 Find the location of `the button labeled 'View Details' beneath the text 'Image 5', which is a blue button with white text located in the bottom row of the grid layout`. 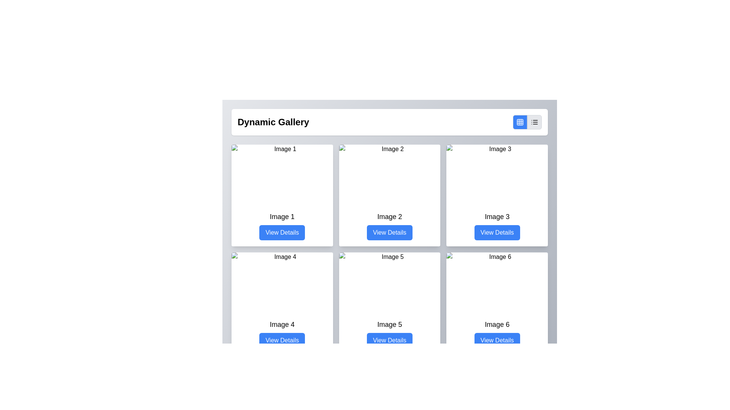

the button labeled 'View Details' beneath the text 'Image 5', which is a blue button with white text located in the bottom row of the grid layout is located at coordinates (389, 333).